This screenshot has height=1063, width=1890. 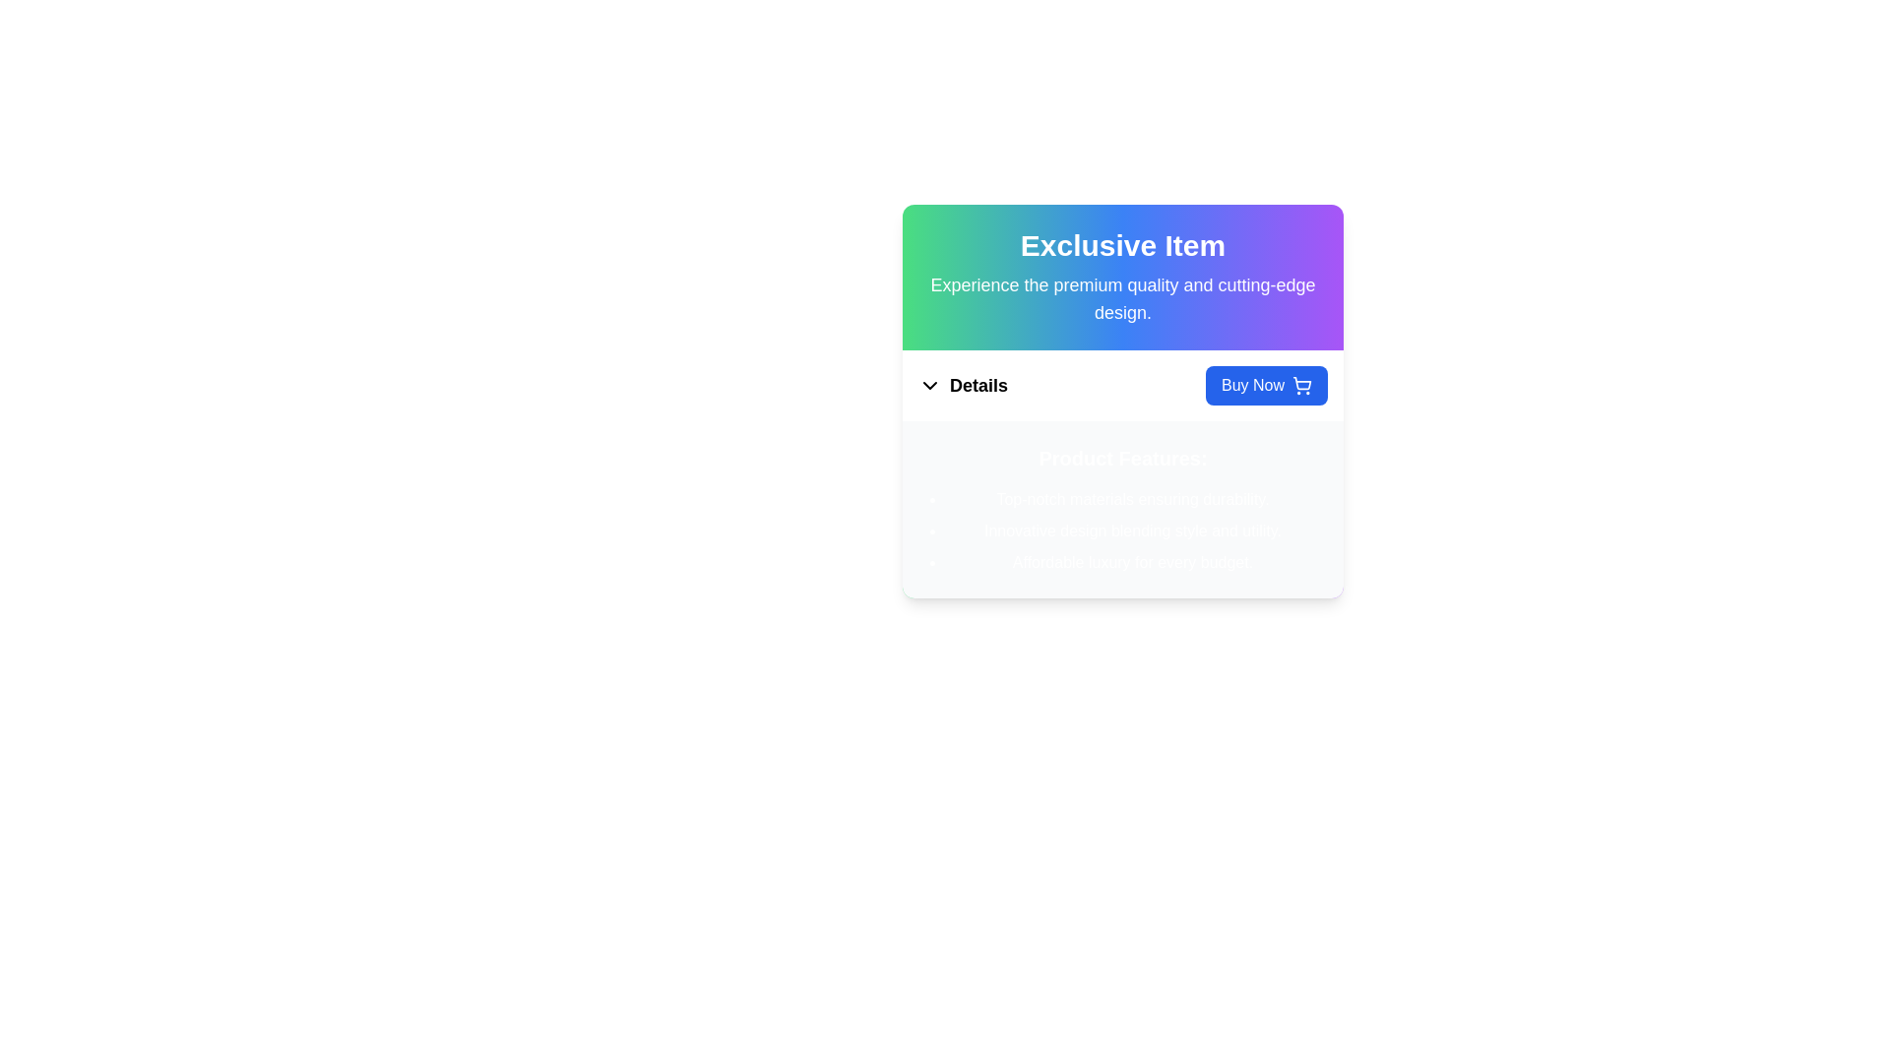 What do you see at coordinates (1123, 277) in the screenshot?
I see `the Text header block with a vibrant gradient background that contains the title 'Exclusive Item' and subtitle 'Experience the premium quality and cutting-edge design.'` at bounding box center [1123, 277].